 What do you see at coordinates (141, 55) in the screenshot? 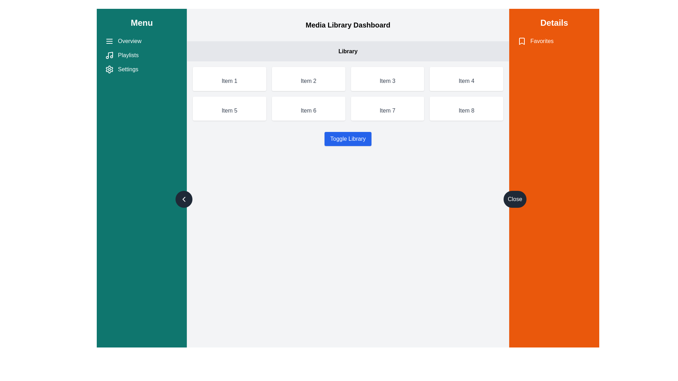
I see `the 'Playlists' menu item located in the left sidebar, which is the second item in the list between 'Overview' and 'Settings'` at bounding box center [141, 55].